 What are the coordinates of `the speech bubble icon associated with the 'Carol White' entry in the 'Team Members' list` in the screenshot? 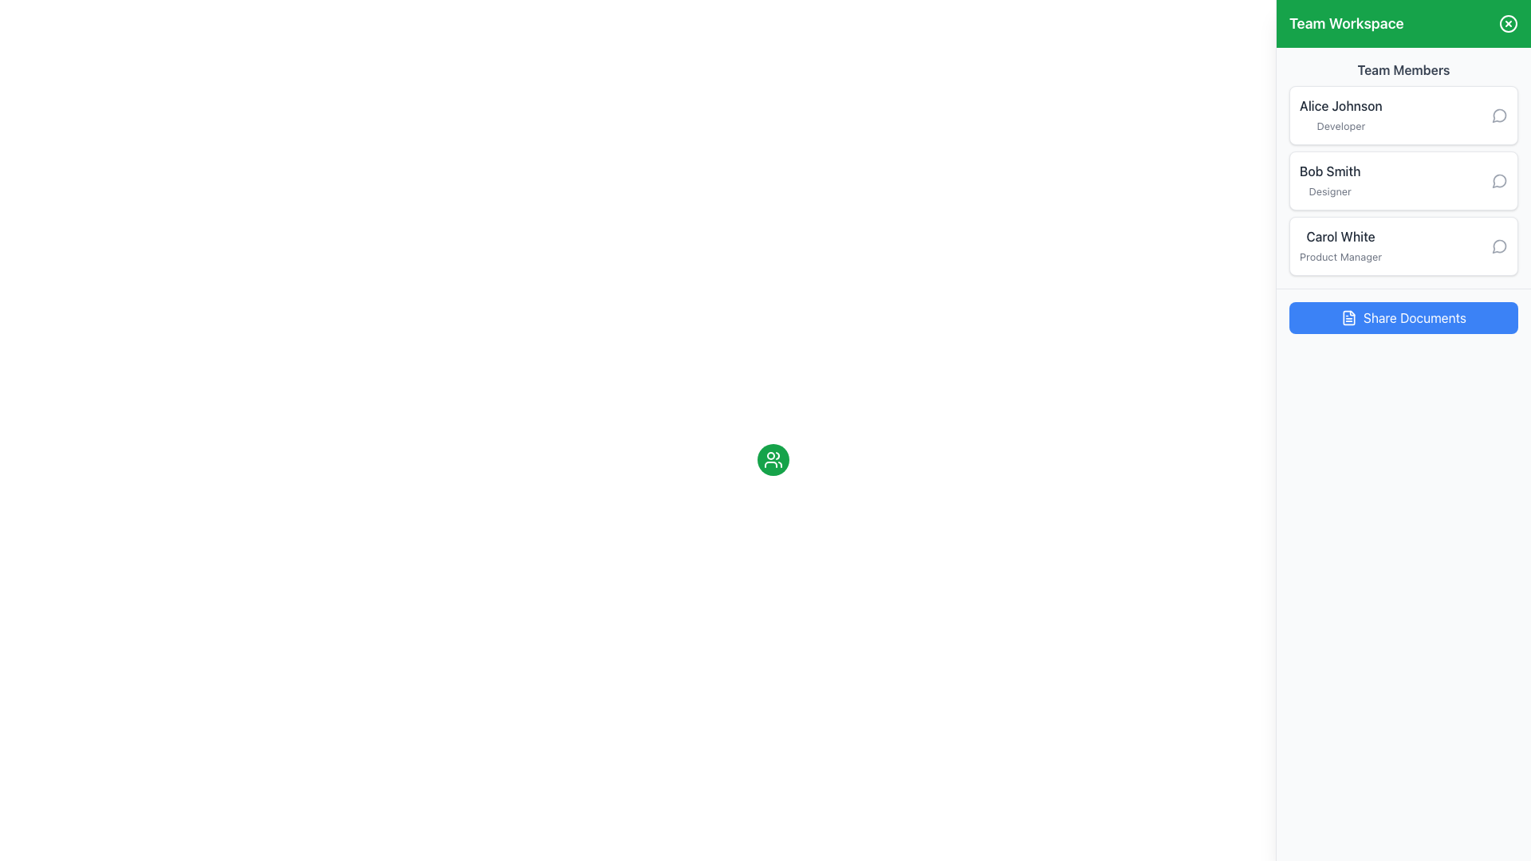 It's located at (1498, 246).